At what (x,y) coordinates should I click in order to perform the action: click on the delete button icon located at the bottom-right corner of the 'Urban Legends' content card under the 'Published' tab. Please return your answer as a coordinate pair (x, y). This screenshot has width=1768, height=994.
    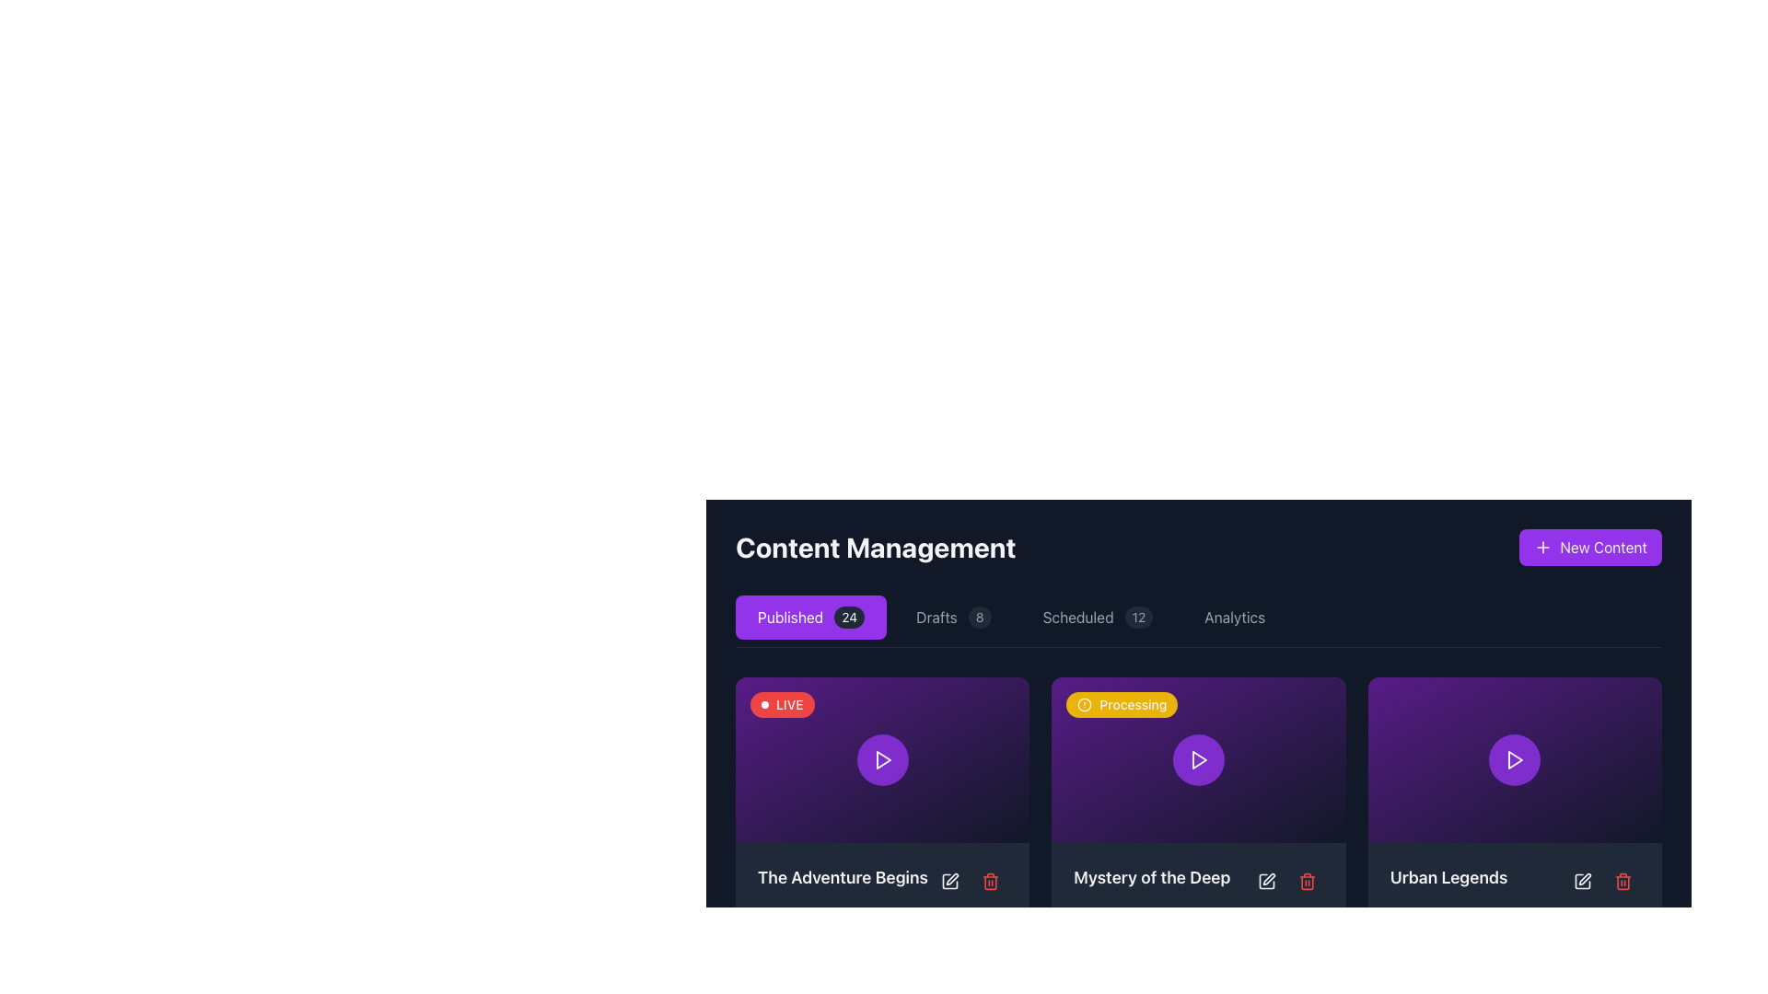
    Looking at the image, I should click on (1623, 879).